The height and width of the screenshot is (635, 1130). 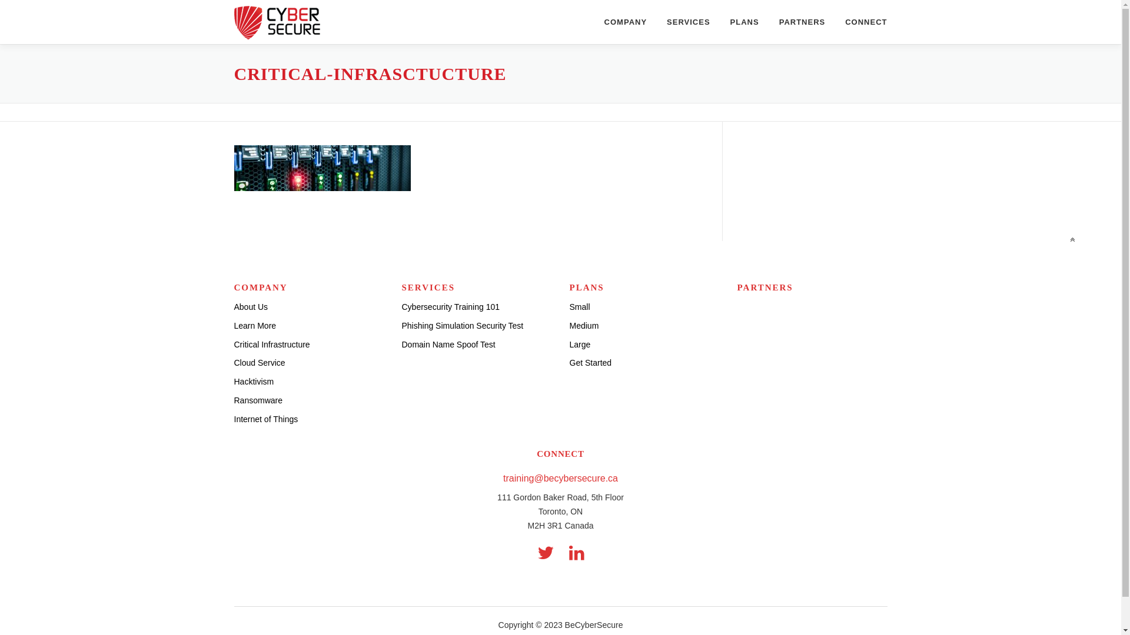 What do you see at coordinates (254, 381) in the screenshot?
I see `'Hacktivism'` at bounding box center [254, 381].